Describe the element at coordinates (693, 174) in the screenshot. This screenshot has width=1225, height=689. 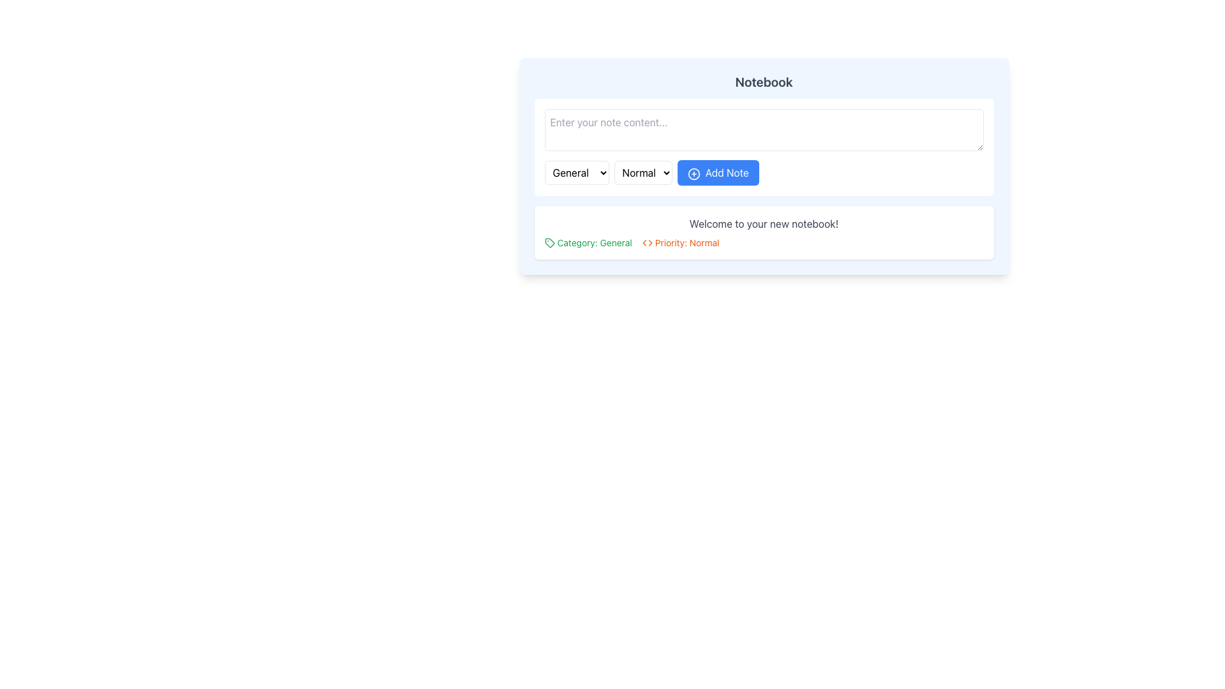
I see `the plus sign icon inside the 'Add Note' button, which has a blue background and white strokes, located to the left of the 'Add Note' text` at that location.